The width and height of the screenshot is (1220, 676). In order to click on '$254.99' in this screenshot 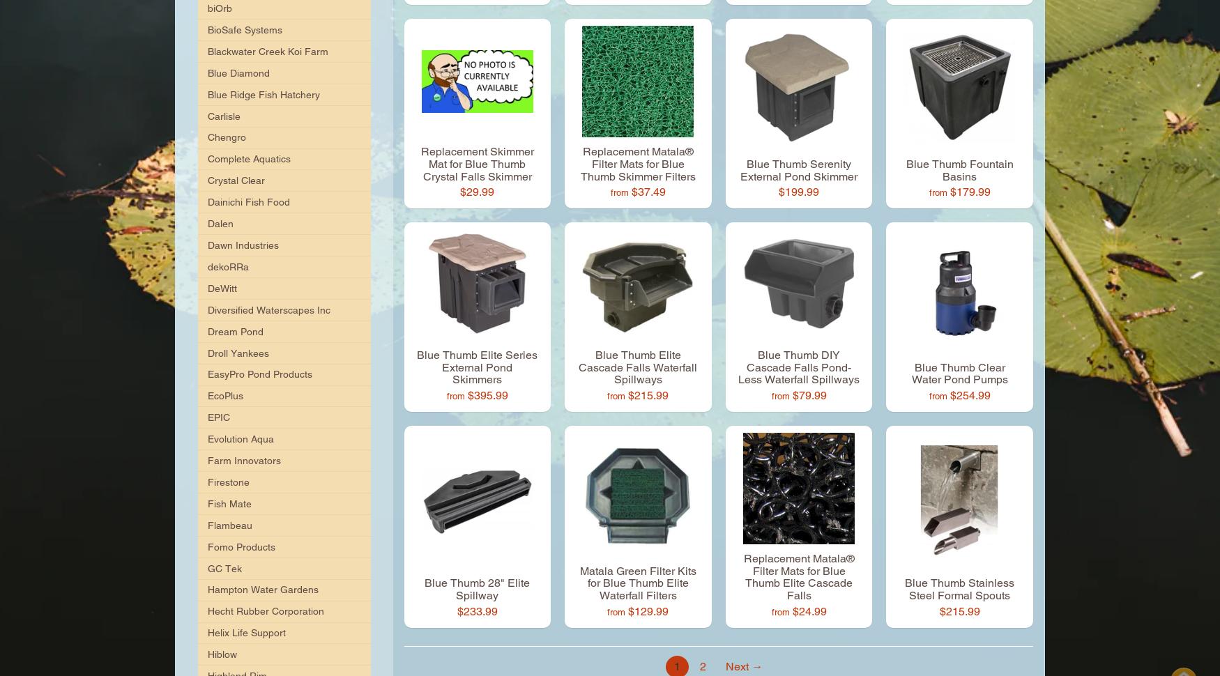, I will do `click(950, 394)`.